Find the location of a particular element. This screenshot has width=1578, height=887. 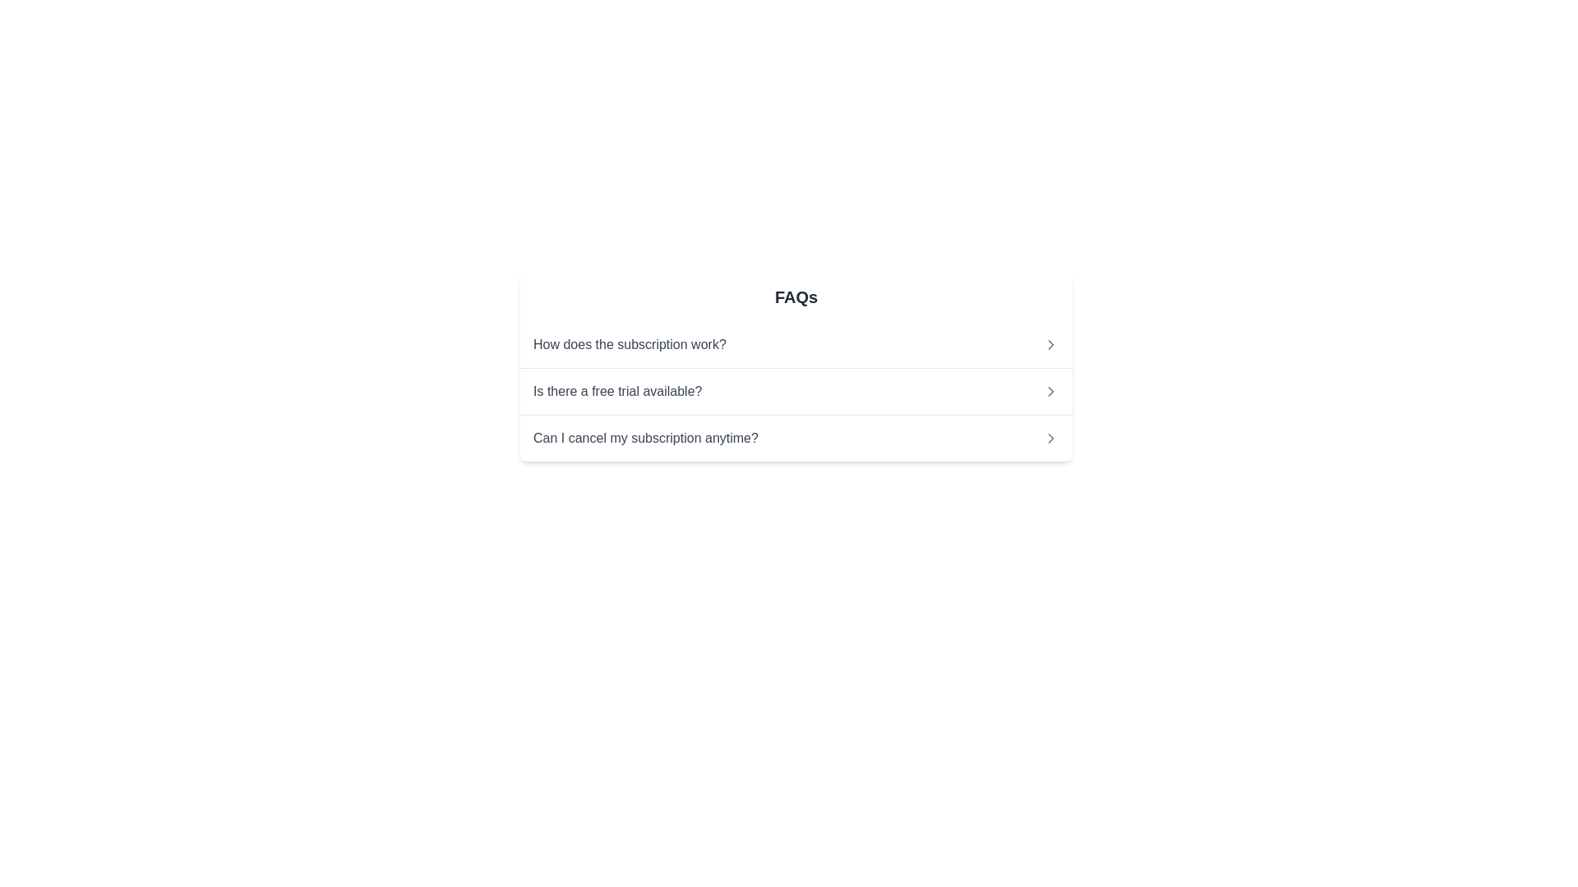

the second clickable FAQ item located centrally in the FAQ section is located at coordinates (796, 392).